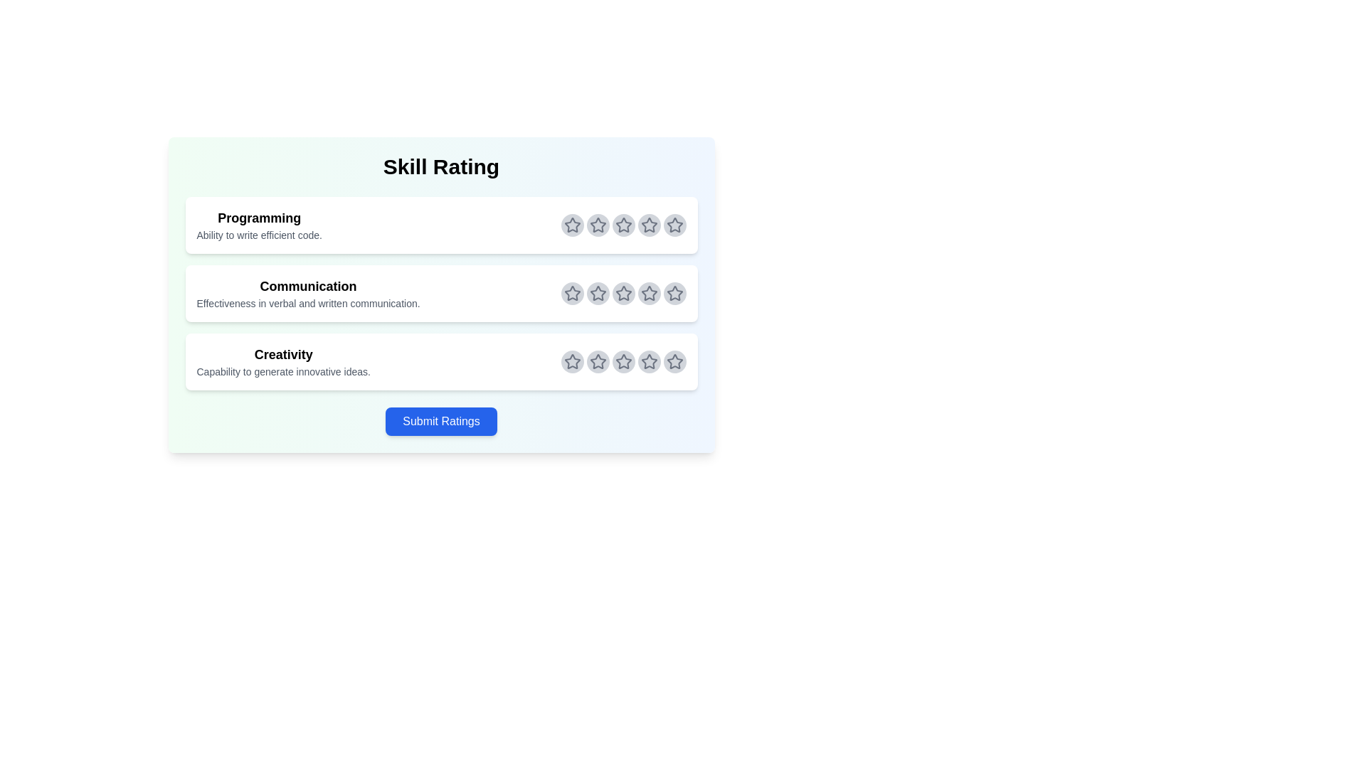 The width and height of the screenshot is (1366, 768). I want to click on the Programming Star 1 to observe its hover effect, so click(572, 224).